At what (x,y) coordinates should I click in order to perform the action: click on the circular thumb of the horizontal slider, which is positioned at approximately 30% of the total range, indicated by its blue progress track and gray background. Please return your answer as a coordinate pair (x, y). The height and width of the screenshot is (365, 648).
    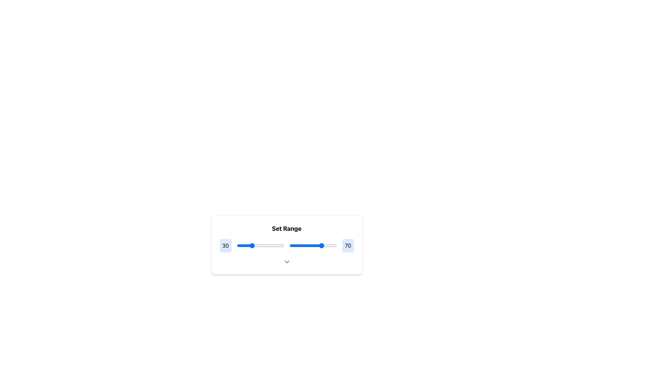
    Looking at the image, I should click on (260, 245).